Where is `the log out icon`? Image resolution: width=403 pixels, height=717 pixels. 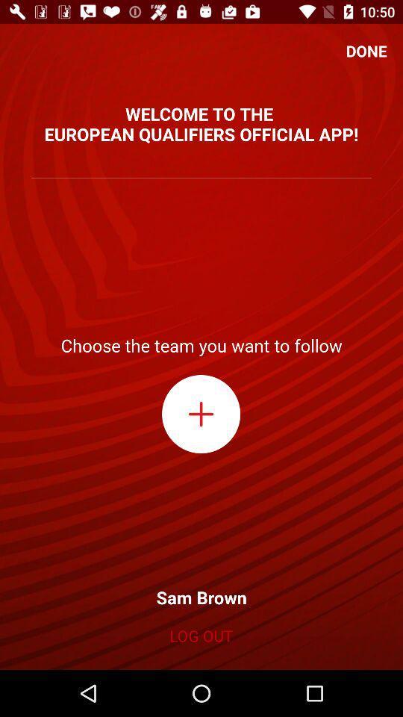
the log out icon is located at coordinates (201, 635).